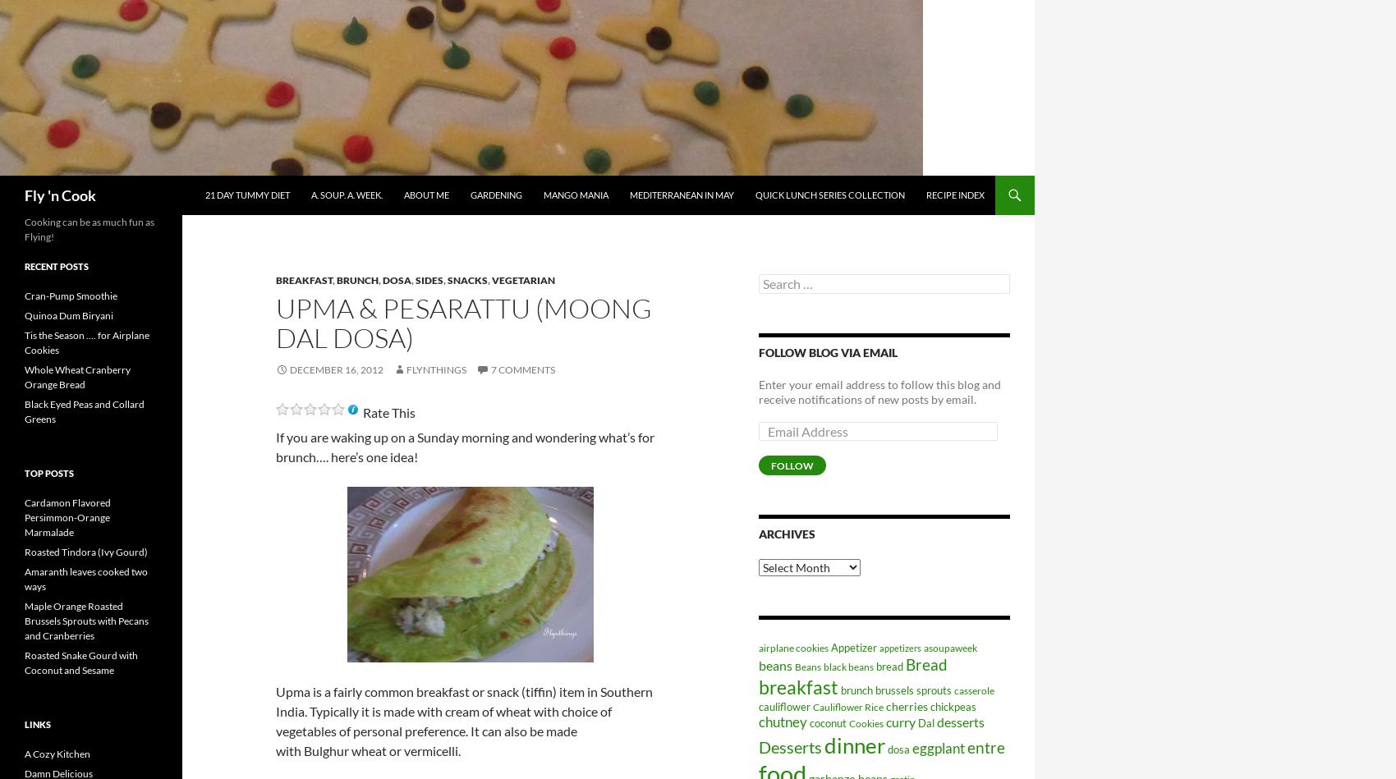 The width and height of the screenshot is (1396, 779). Describe the element at coordinates (436, 369) in the screenshot. I see `'flynthings'` at that location.